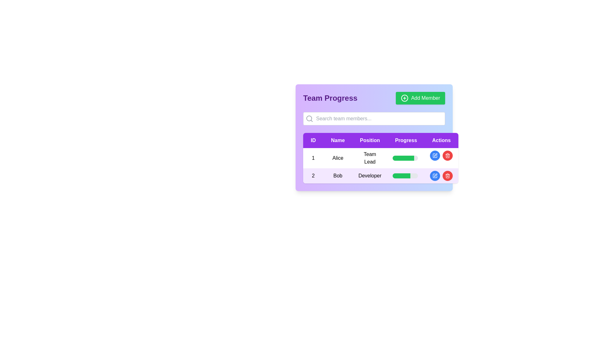 The height and width of the screenshot is (341, 607). I want to click on the edit button located in the 'Actions' column of the second row of the table to initiate the edit process, so click(435, 155).